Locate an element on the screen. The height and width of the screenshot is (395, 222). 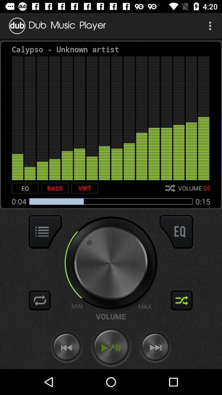
random option is located at coordinates (182, 300).